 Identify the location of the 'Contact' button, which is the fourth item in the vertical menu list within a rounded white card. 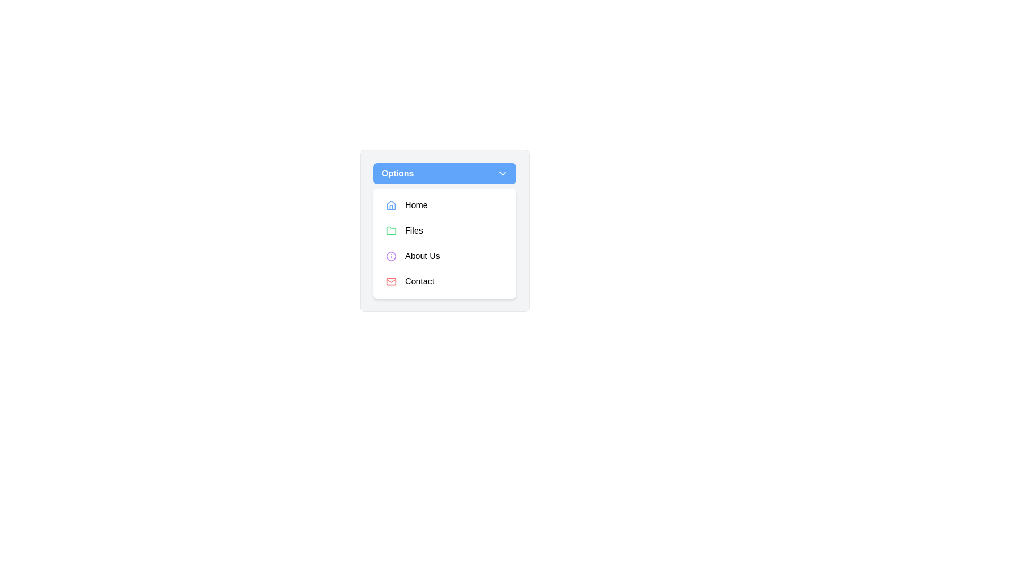
(445, 281).